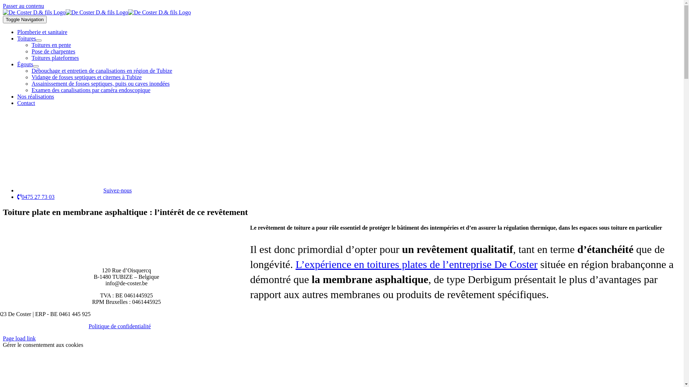  Describe the element at coordinates (60, 149) in the screenshot. I see `'fb'` at that location.